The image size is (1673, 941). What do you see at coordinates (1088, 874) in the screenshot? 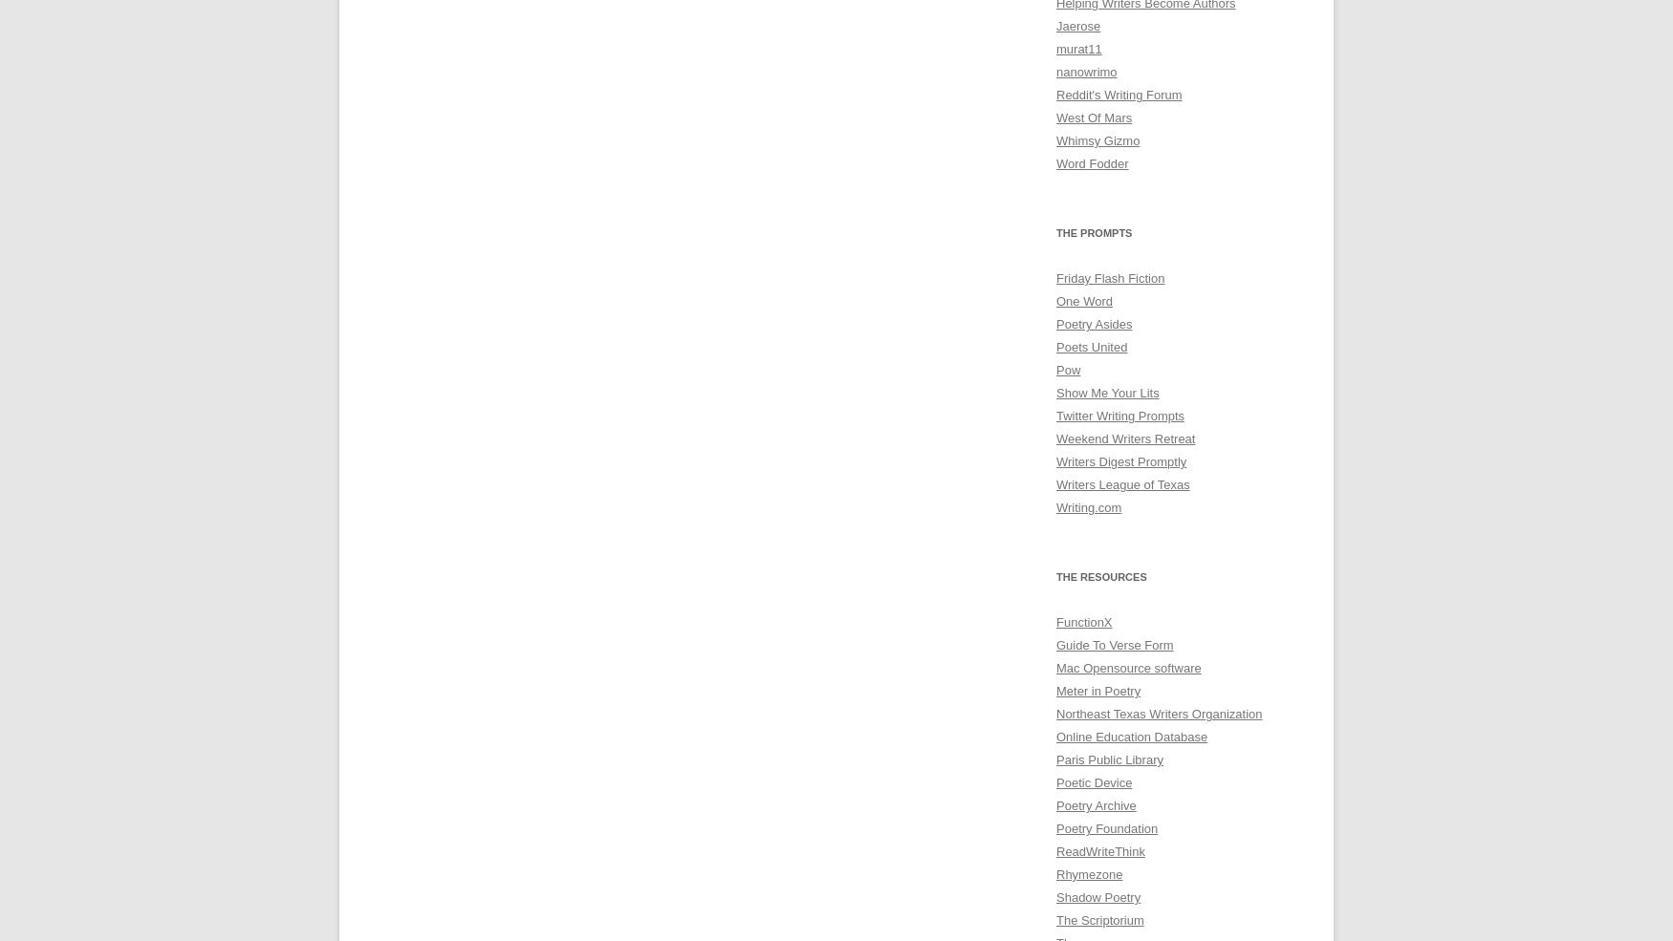
I see `'Rhymezone'` at bounding box center [1088, 874].